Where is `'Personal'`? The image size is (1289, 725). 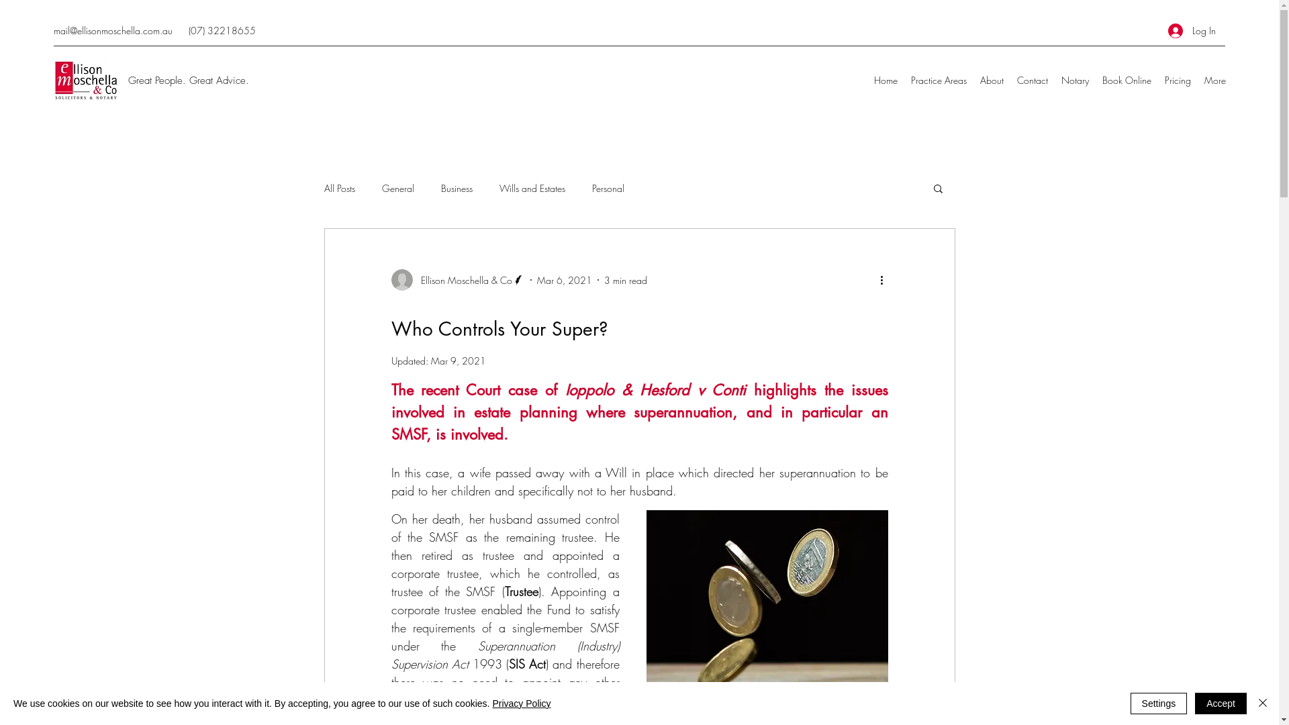 'Personal' is located at coordinates (608, 188).